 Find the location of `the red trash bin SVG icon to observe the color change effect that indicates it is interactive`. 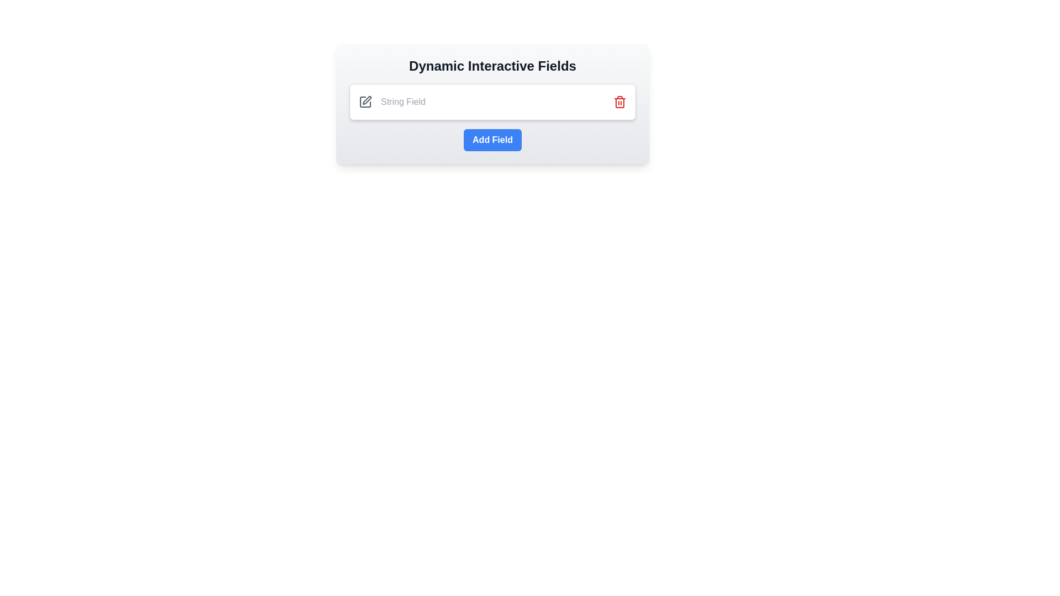

the red trash bin SVG icon to observe the color change effect that indicates it is interactive is located at coordinates (620, 102).